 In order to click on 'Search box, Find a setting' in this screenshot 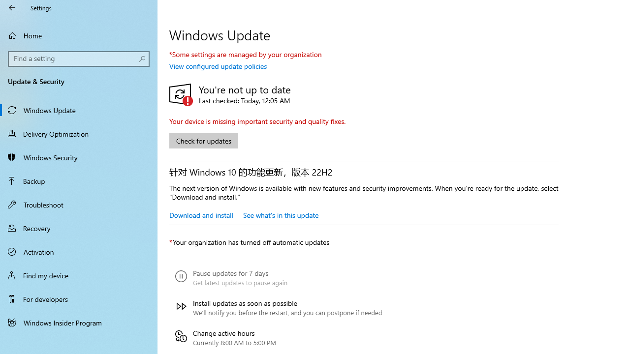, I will do `click(79, 59)`.